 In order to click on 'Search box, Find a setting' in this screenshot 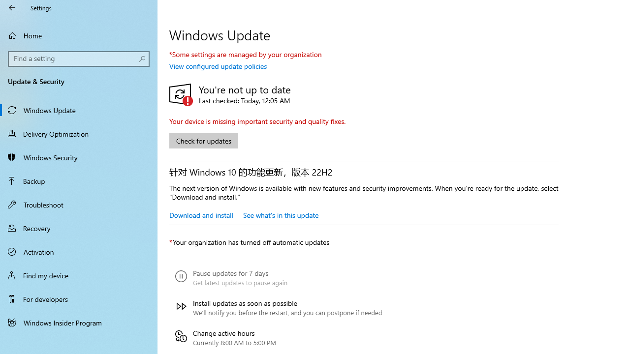, I will do `click(79, 59)`.